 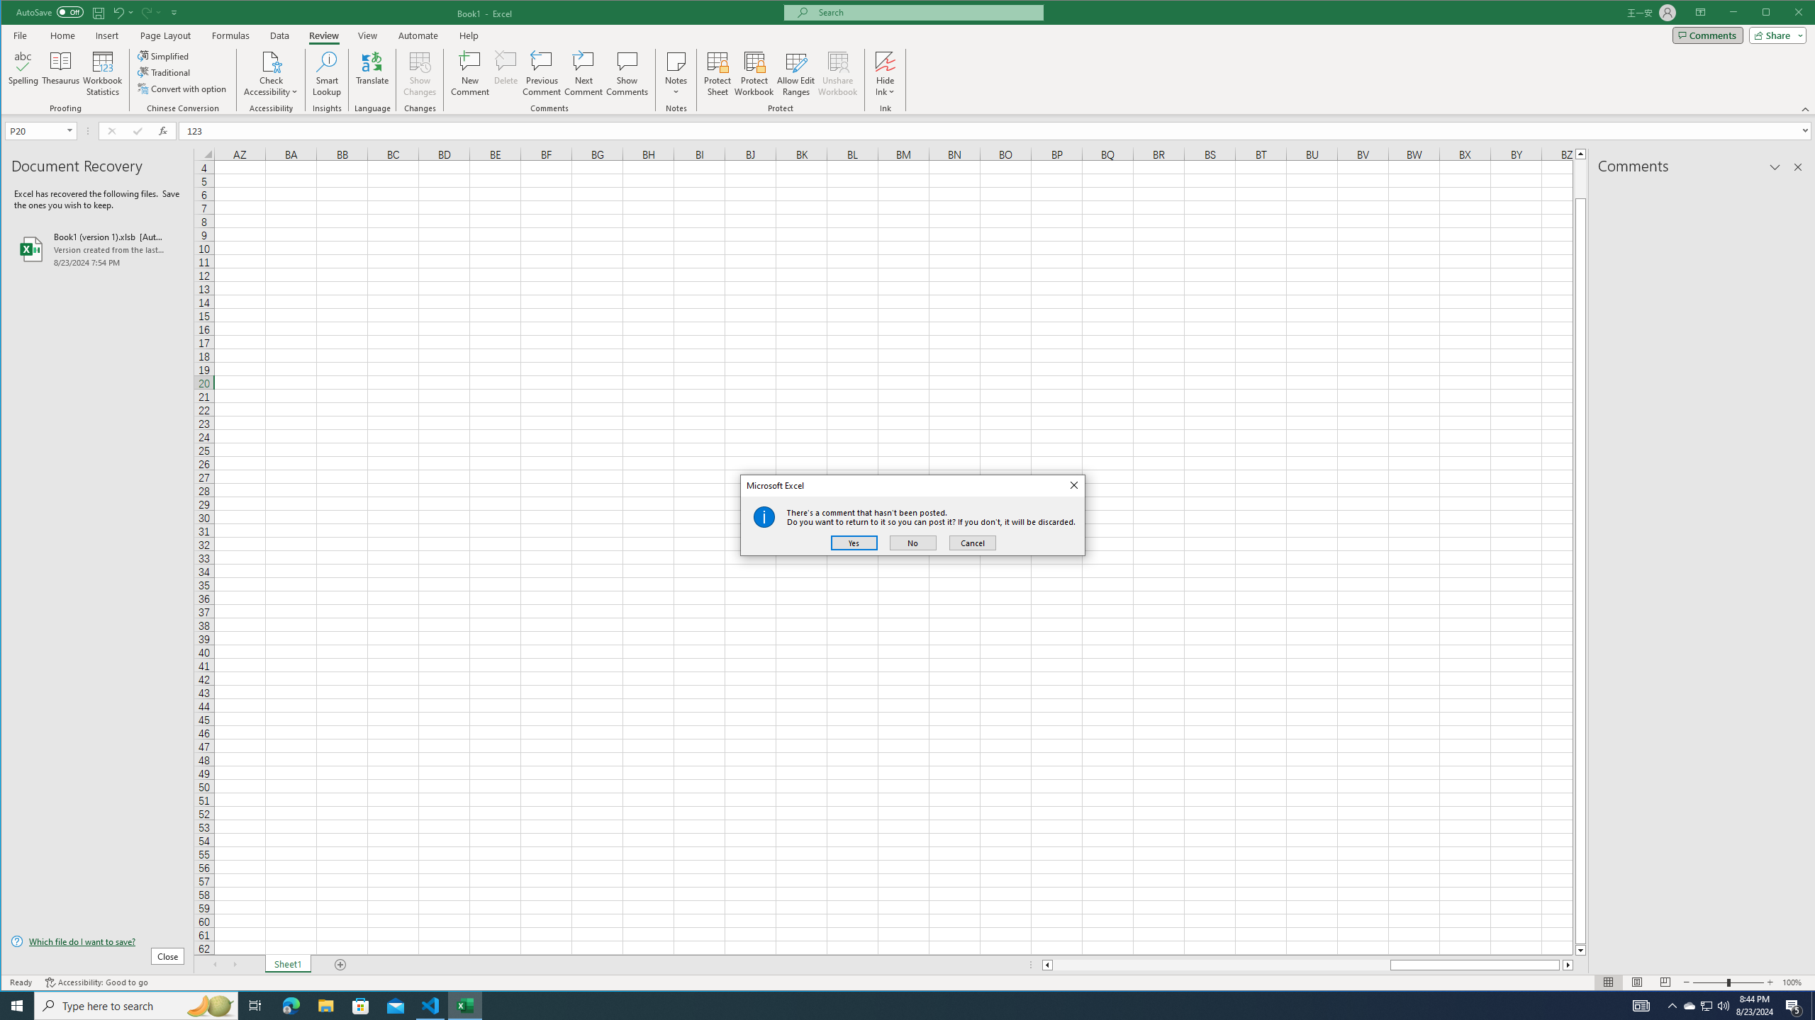 I want to click on 'Show Changes', so click(x=419, y=73).